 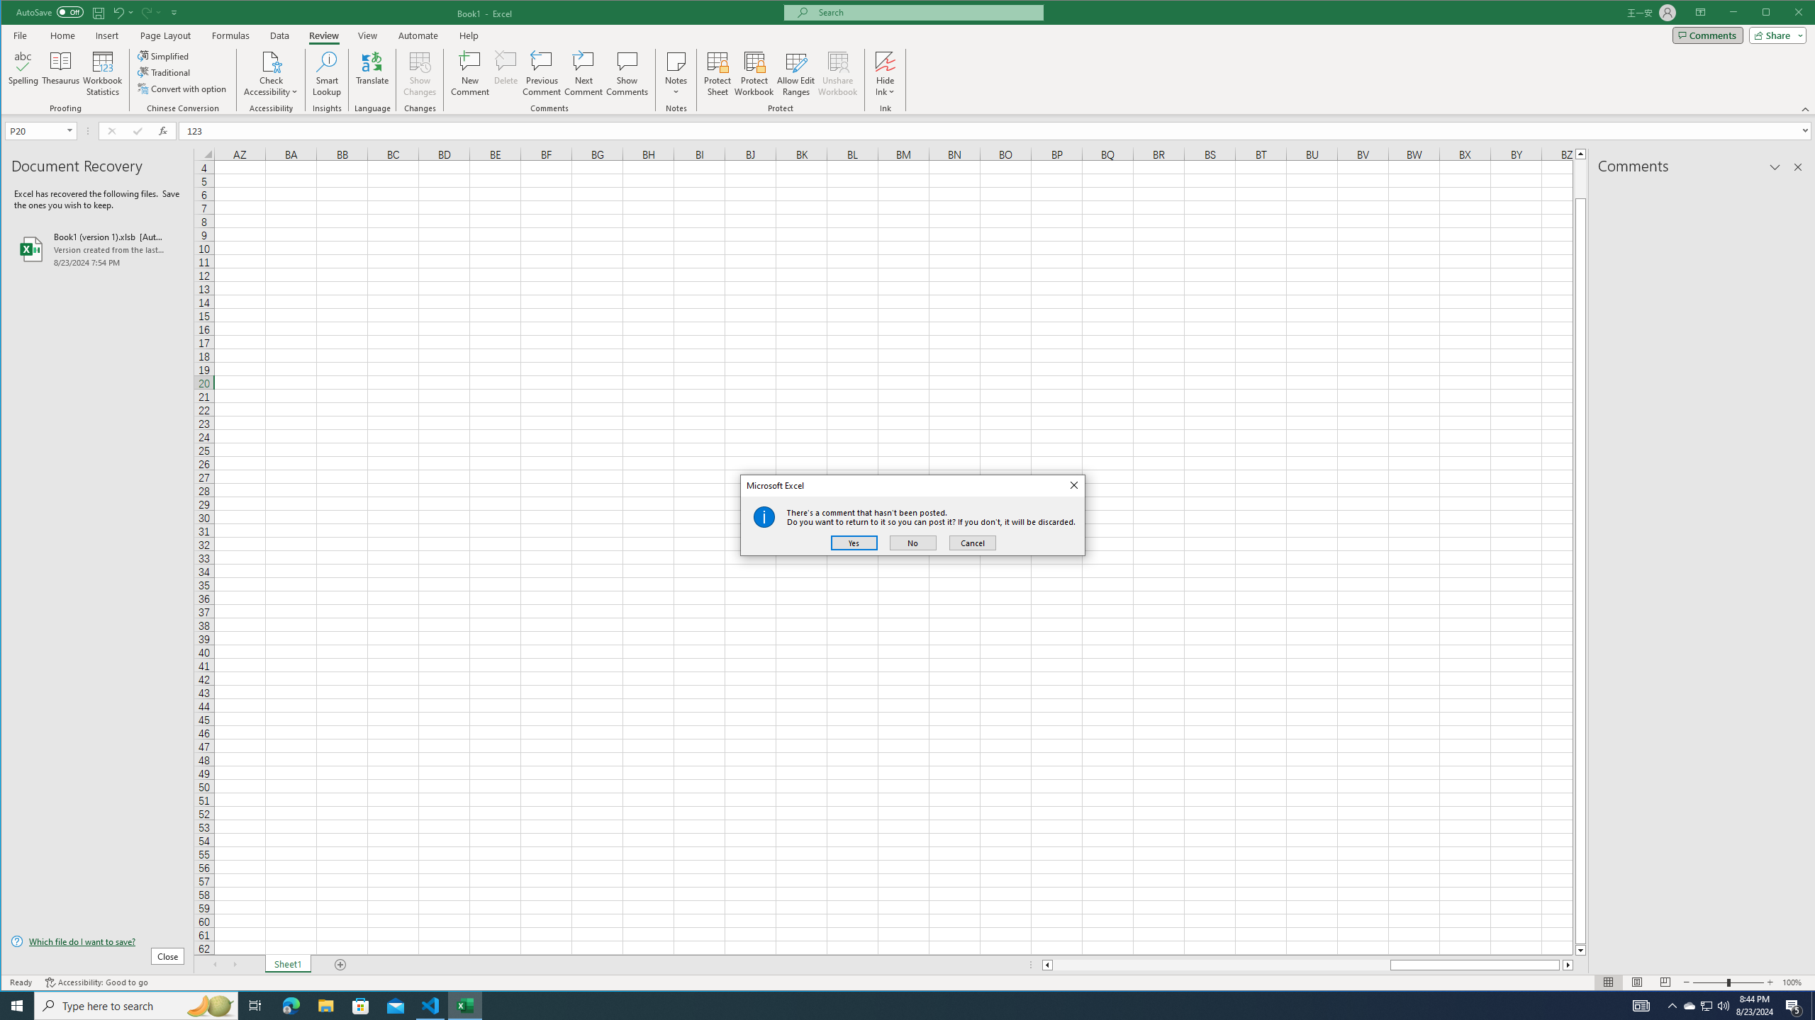 I want to click on 'Show Changes', so click(x=419, y=73).